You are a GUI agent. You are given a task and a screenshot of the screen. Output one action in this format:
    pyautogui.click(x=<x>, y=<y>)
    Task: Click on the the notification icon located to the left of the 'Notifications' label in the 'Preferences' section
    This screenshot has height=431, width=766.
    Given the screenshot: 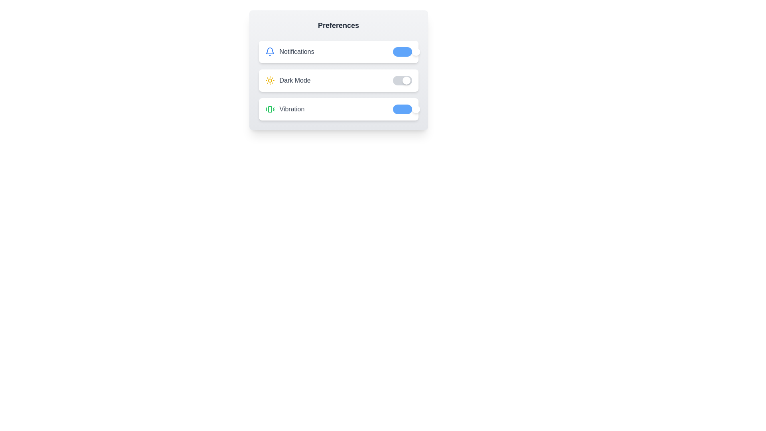 What is the action you would take?
    pyautogui.click(x=270, y=51)
    